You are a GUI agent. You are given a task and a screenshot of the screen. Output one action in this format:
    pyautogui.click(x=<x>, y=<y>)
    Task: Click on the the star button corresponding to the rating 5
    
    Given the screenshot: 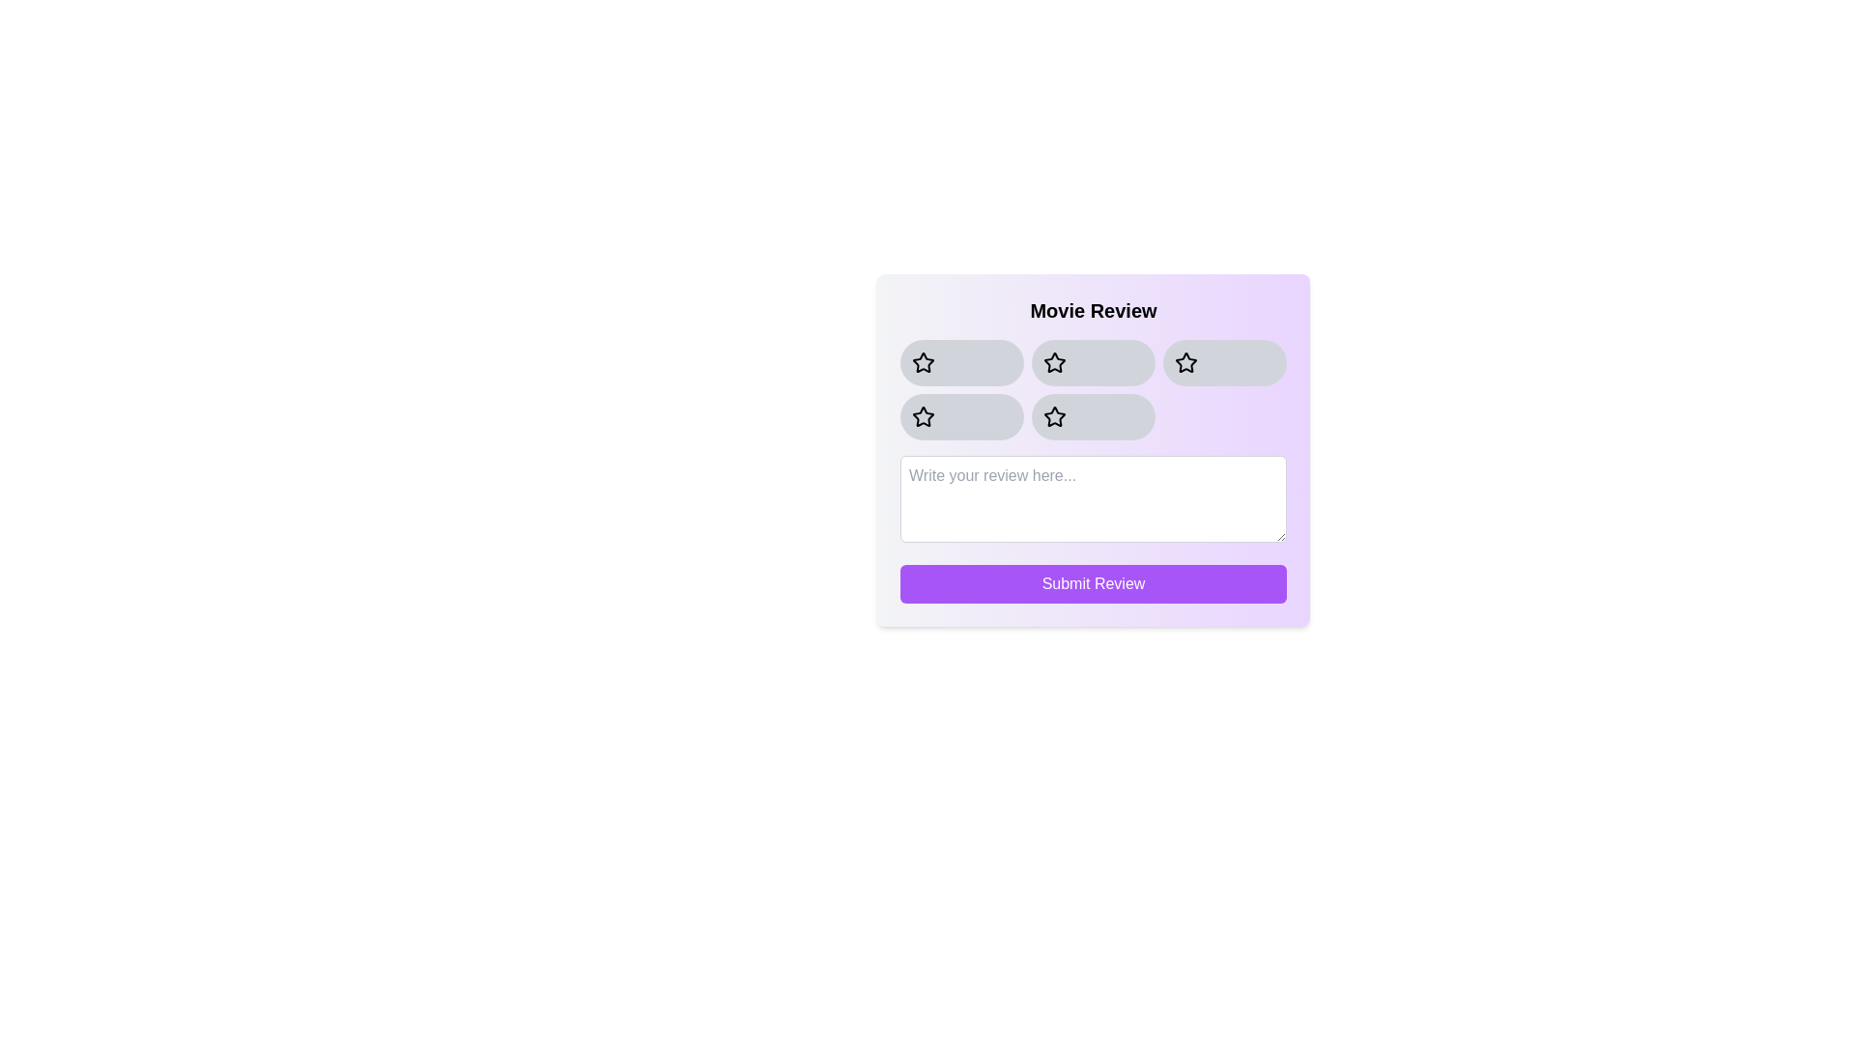 What is the action you would take?
    pyautogui.click(x=1094, y=416)
    